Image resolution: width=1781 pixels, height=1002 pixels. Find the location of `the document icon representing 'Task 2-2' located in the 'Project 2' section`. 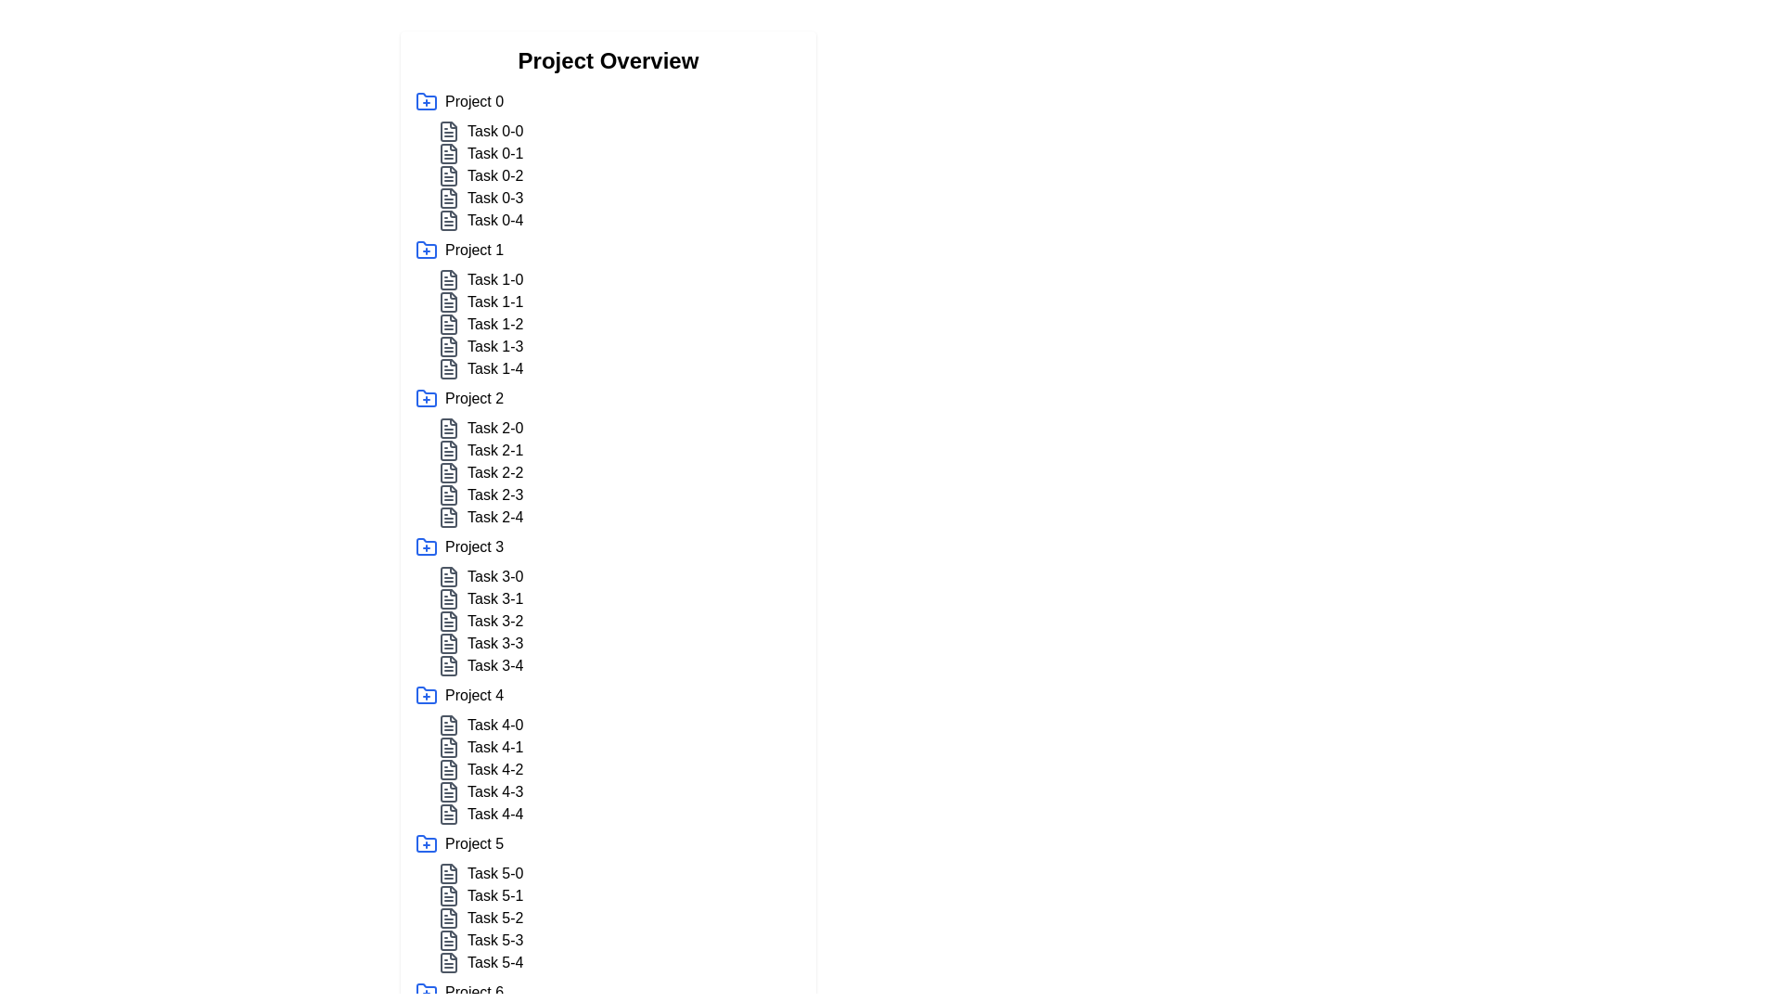

the document icon representing 'Task 2-2' located in the 'Project 2' section is located at coordinates (449, 471).